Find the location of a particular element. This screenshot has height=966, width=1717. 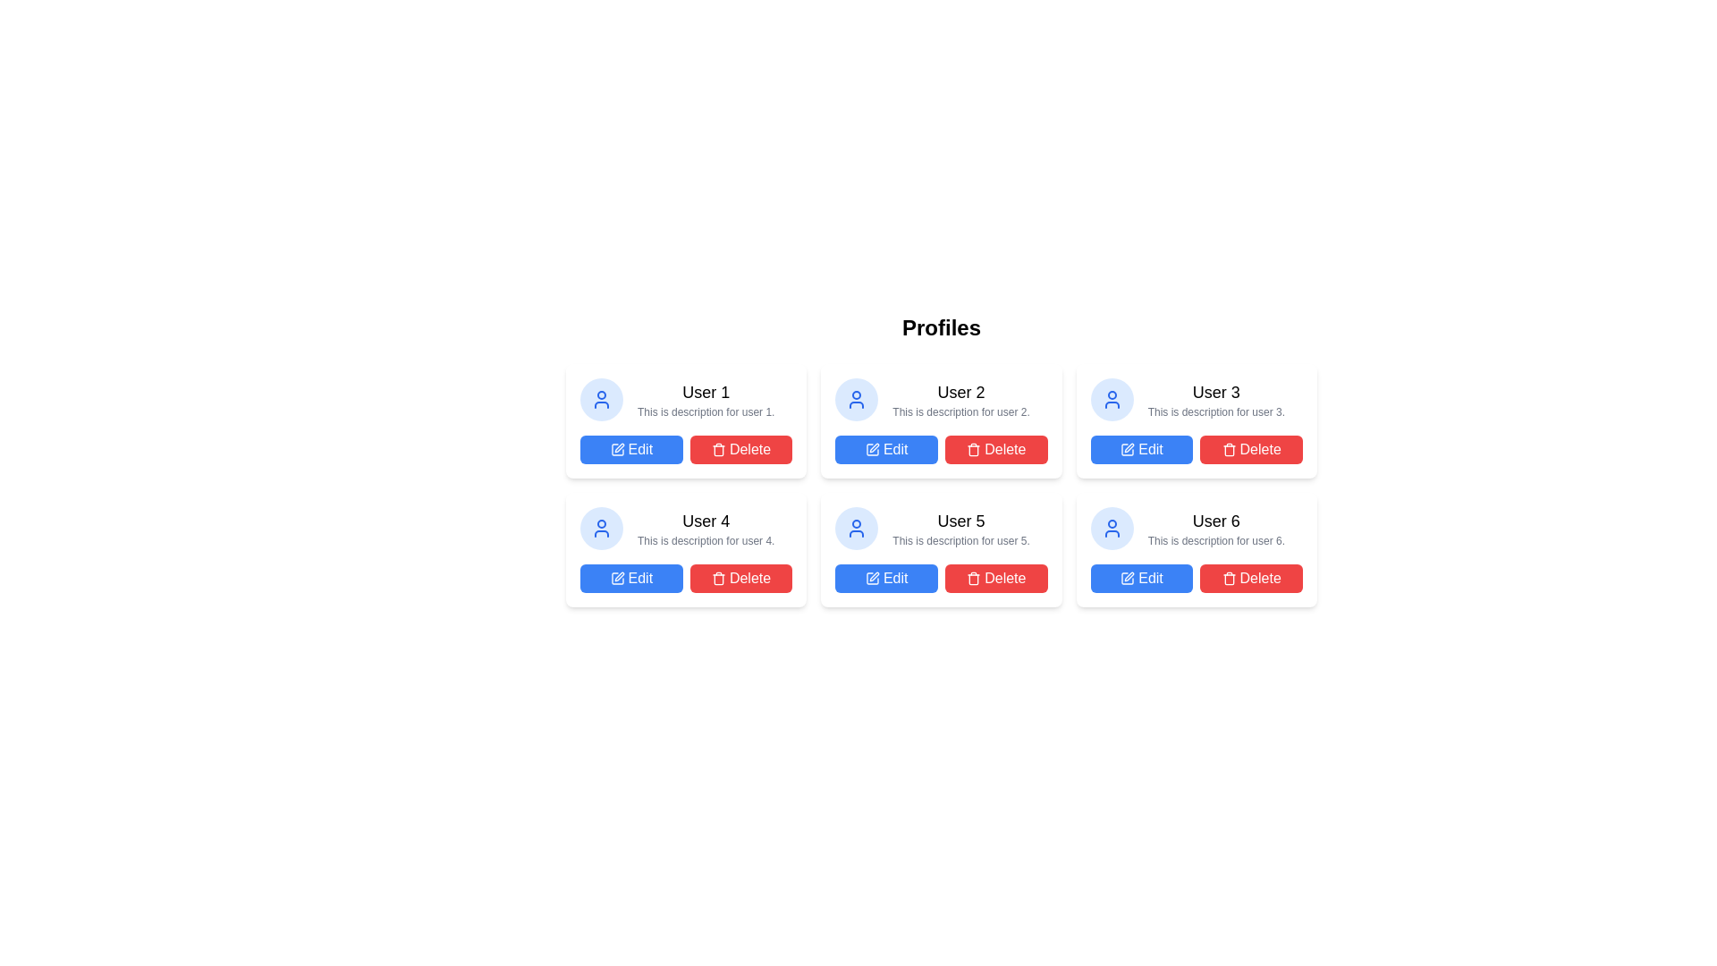

the small blue pen icon next to the 'Edit' text within the blue button for User 4 is located at coordinates (617, 579).